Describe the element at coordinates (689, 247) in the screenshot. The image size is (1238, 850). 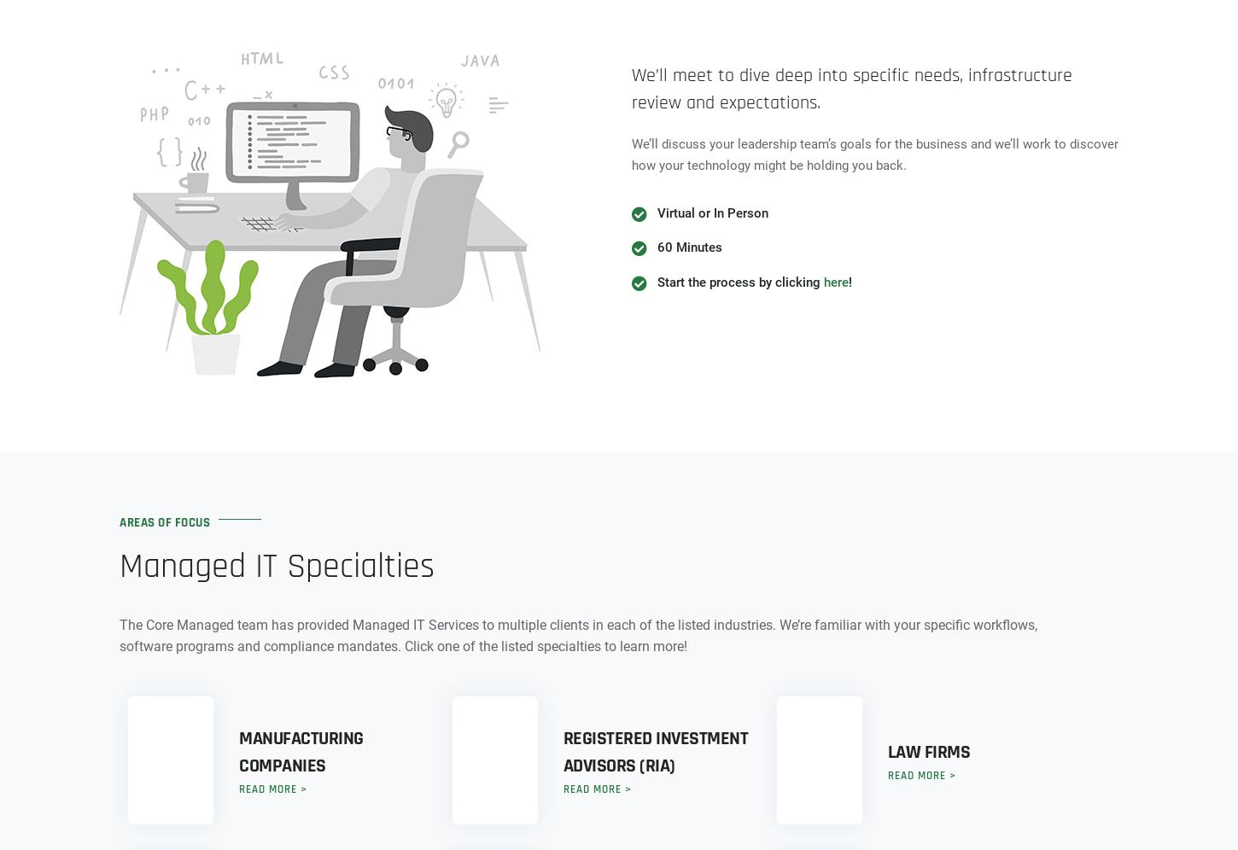
I see `'60 Minutes'` at that location.